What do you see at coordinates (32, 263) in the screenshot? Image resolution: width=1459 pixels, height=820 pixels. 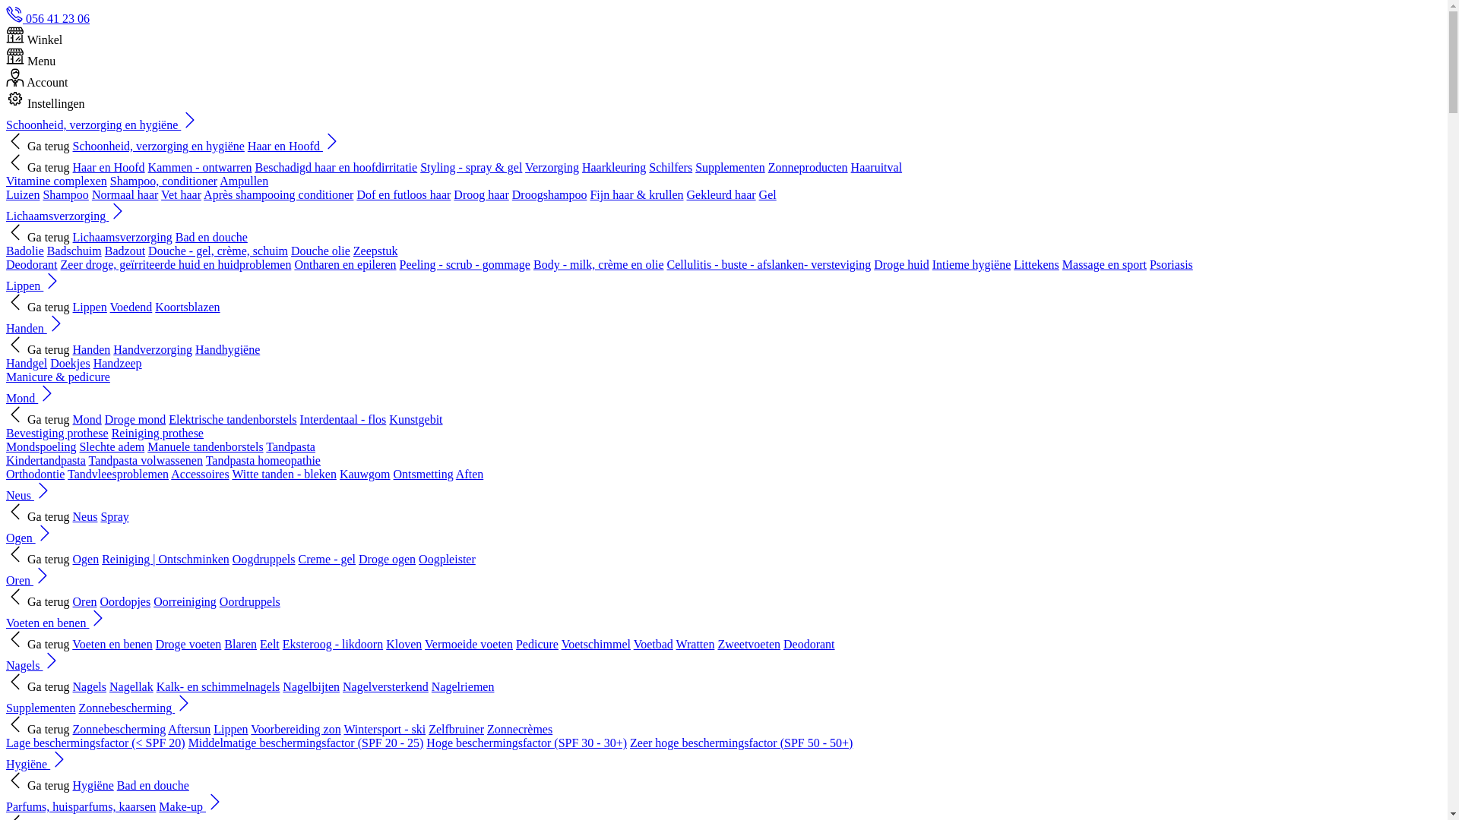 I see `'Deodorant'` at bounding box center [32, 263].